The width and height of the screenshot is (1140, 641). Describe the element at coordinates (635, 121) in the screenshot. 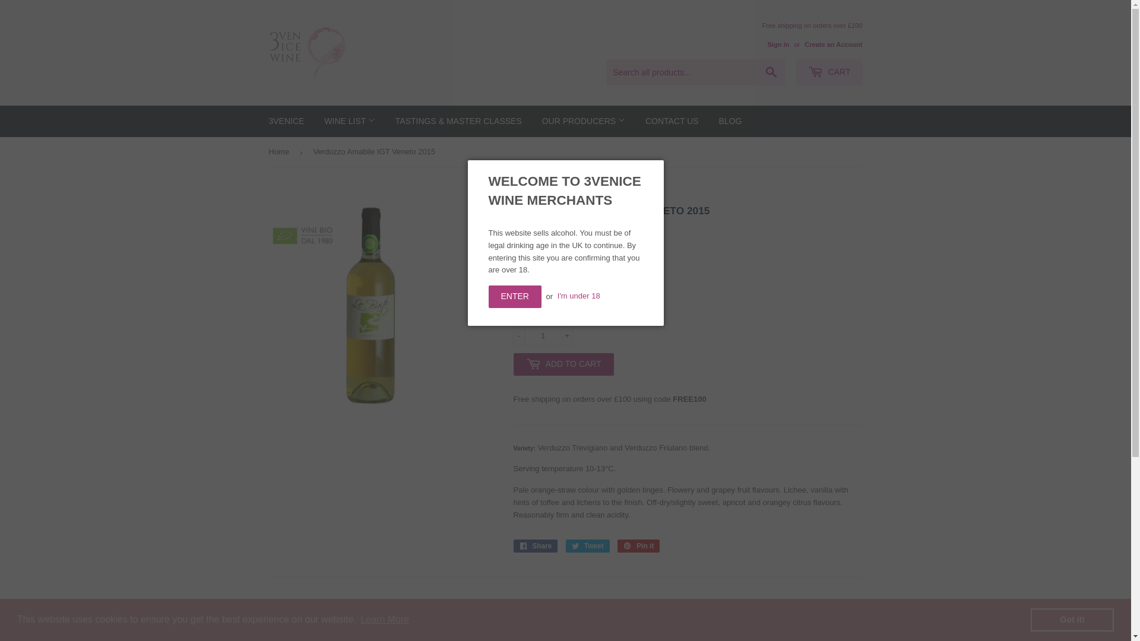

I see `'CONTACT US'` at that location.